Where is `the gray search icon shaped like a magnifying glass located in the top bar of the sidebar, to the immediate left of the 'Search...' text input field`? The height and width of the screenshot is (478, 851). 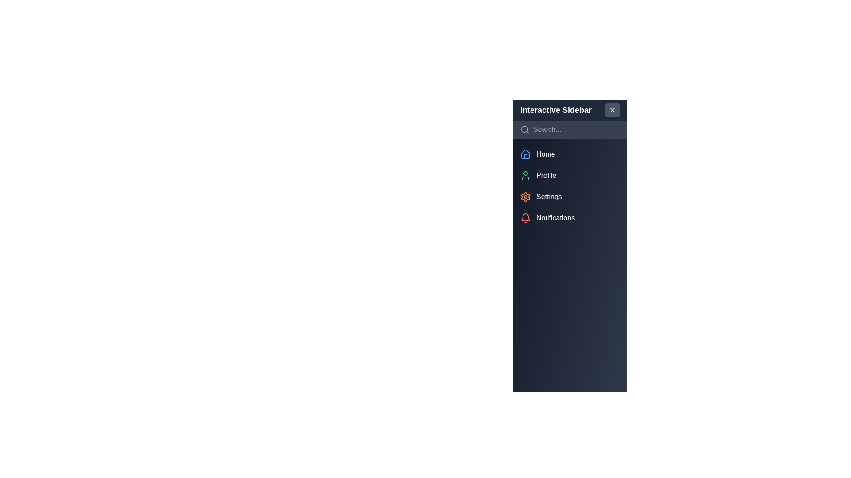 the gray search icon shaped like a magnifying glass located in the top bar of the sidebar, to the immediate left of the 'Search...' text input field is located at coordinates (525, 130).